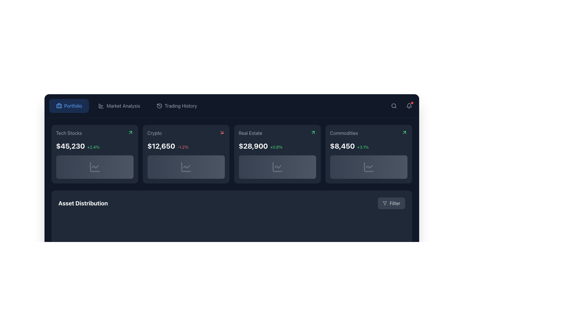  What do you see at coordinates (277, 145) in the screenshot?
I see `the Data display component showing the large white numerical value ('$28,900') and the smaller green percentage value ('+0.8%') within the 'Real Estate' card, positioned below the 'Real Estate' label in the second row of the card widgets` at bounding box center [277, 145].